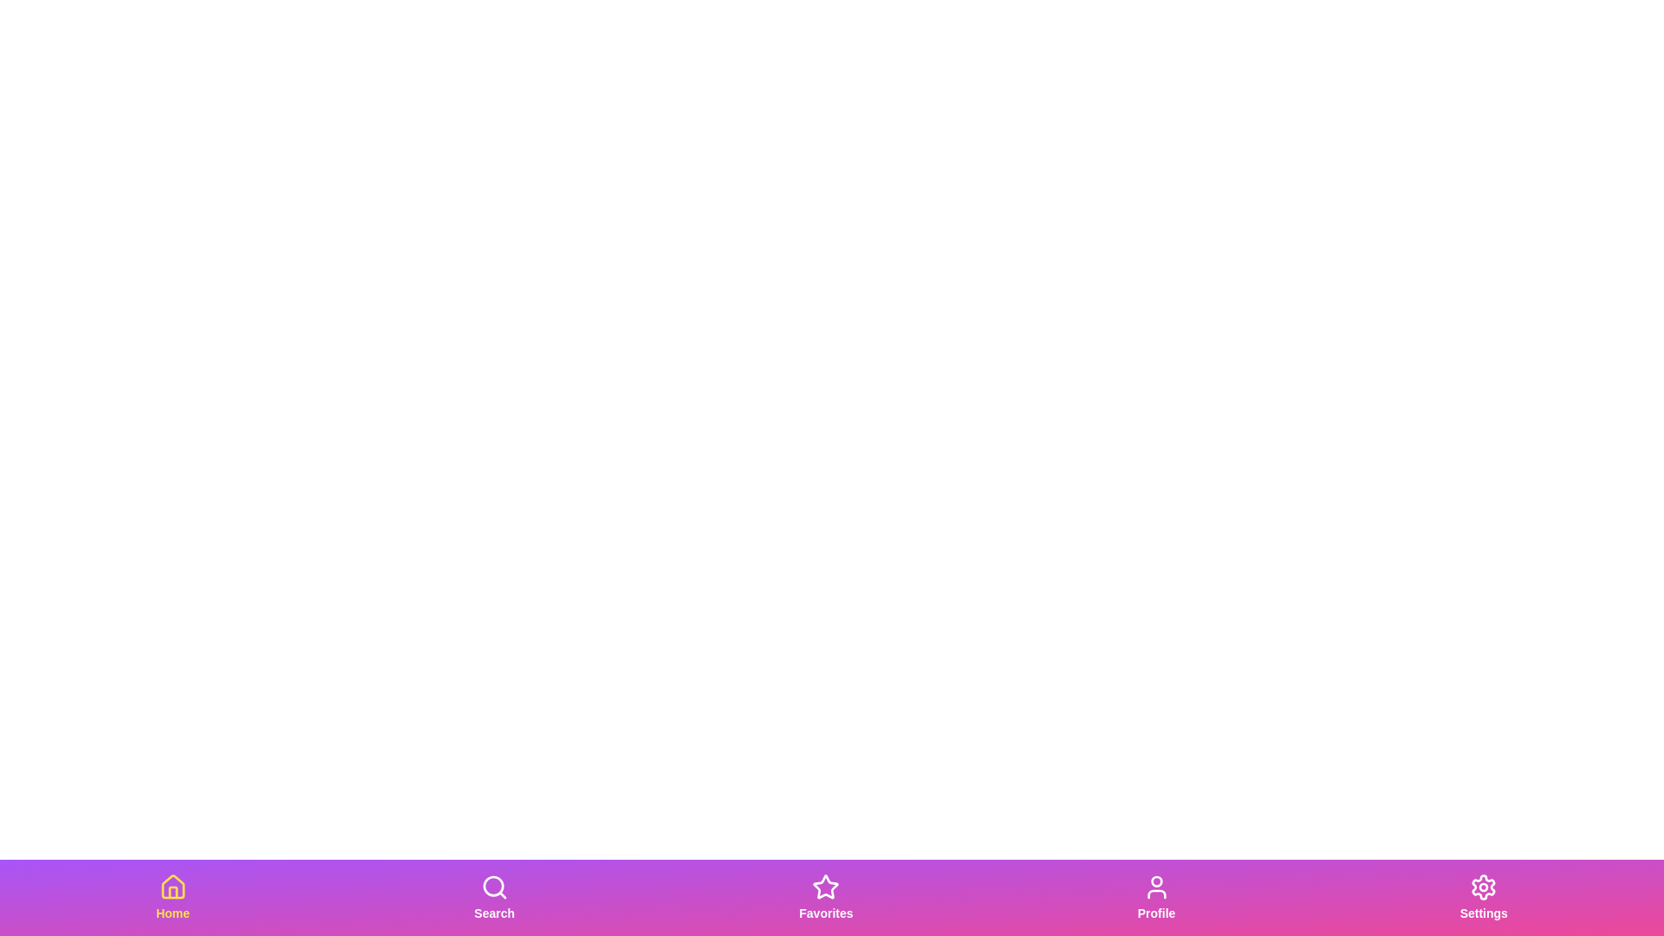 Image resolution: width=1664 pixels, height=936 pixels. I want to click on the Search tab in the bottom navigation bar, so click(493, 897).